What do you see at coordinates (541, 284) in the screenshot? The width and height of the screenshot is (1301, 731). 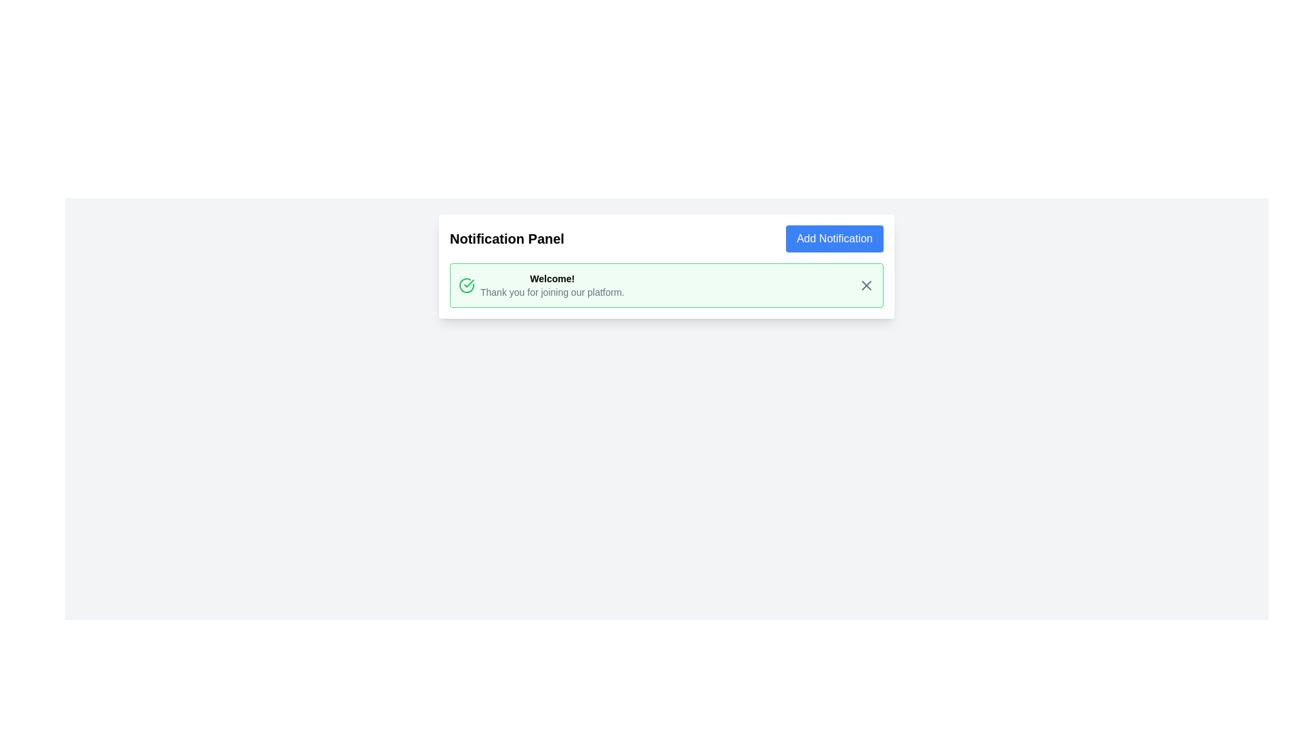 I see `the positive acknowledgment notification text with icon located in the notification card within the Notification Panel` at bounding box center [541, 284].